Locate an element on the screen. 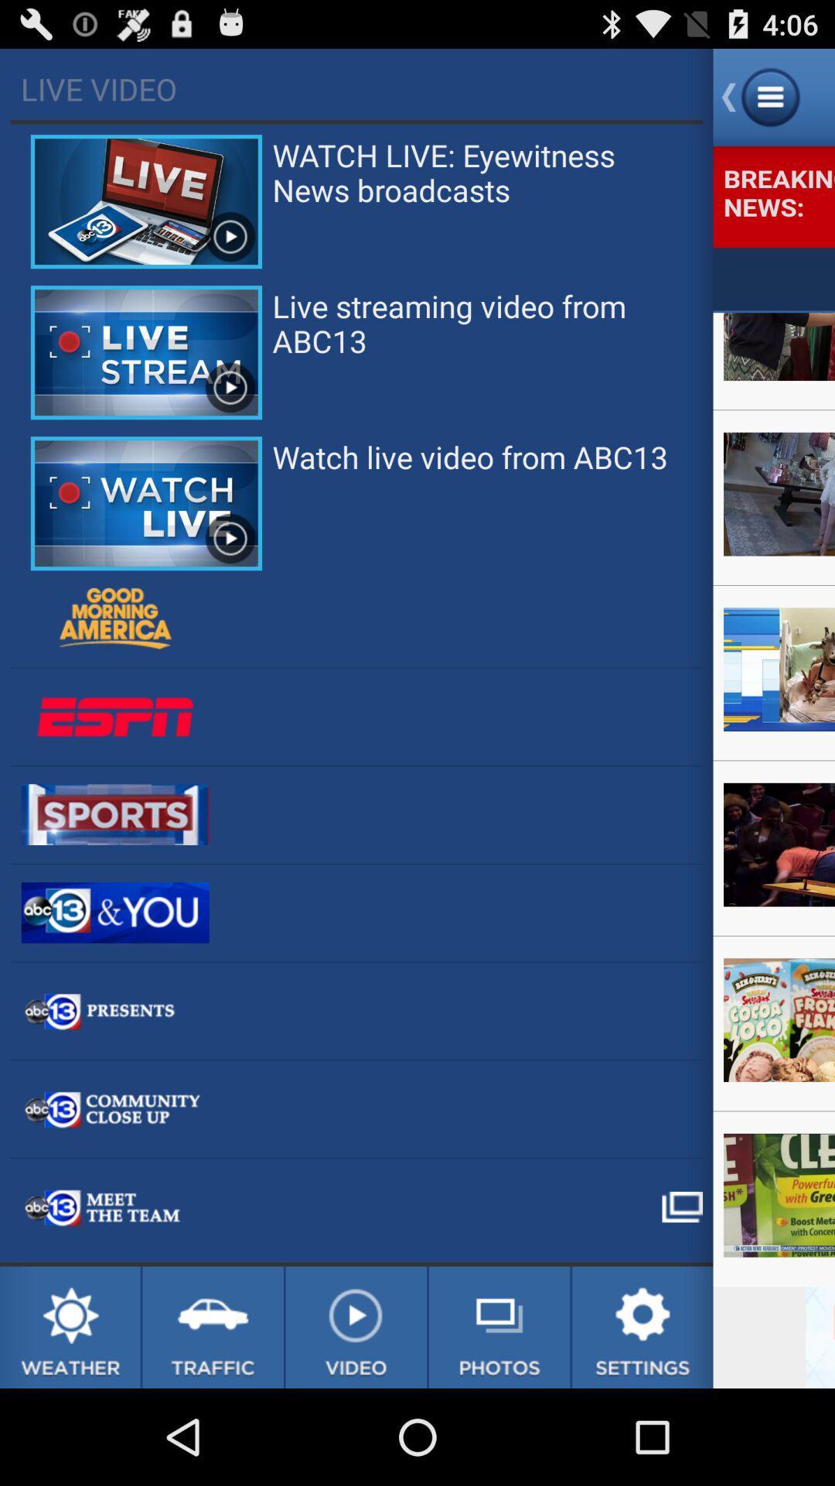 This screenshot has height=1486, width=835. settings button is located at coordinates (642, 1327).